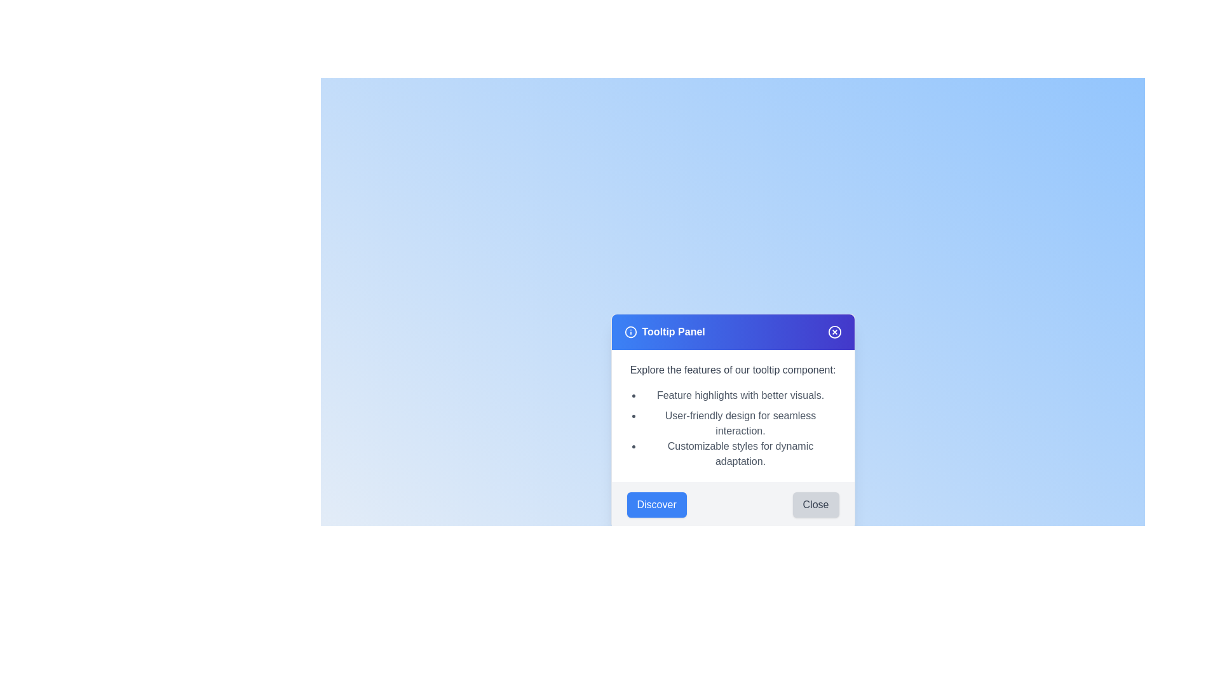 The width and height of the screenshot is (1220, 686). I want to click on text content of the vertical list element displayed in gray font, which is located below the heading 'Explore the features of our tooltip component:' in the content panel, so click(740, 429).